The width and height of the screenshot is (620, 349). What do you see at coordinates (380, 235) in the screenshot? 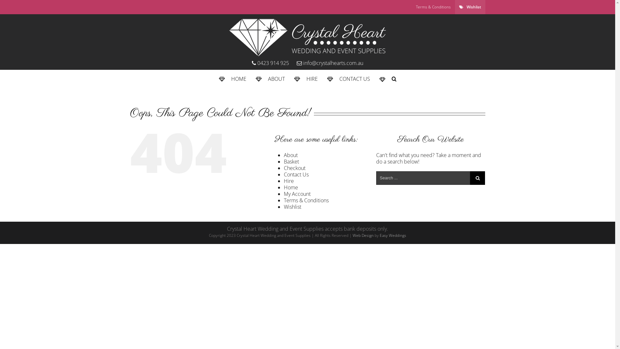
I see `'Easy Weddings'` at bounding box center [380, 235].